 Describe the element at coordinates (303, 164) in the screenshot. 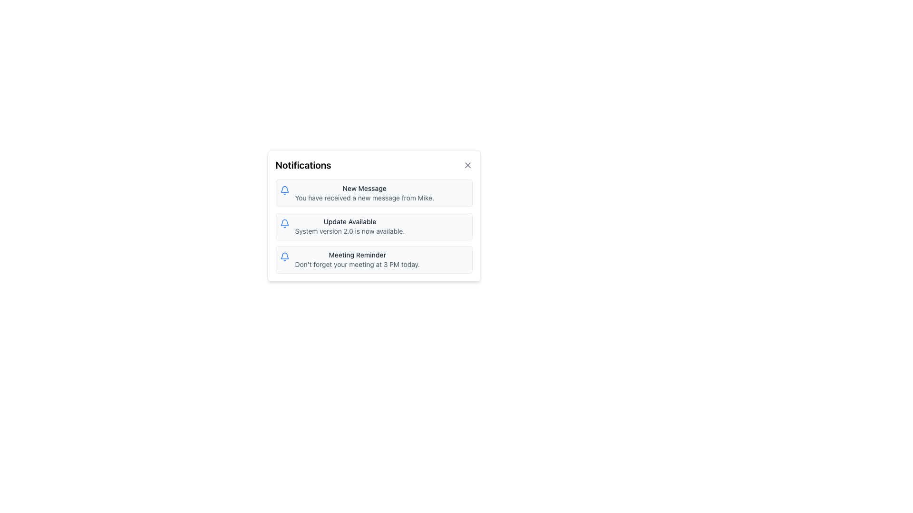

I see `the 'Notifications' text label` at that location.